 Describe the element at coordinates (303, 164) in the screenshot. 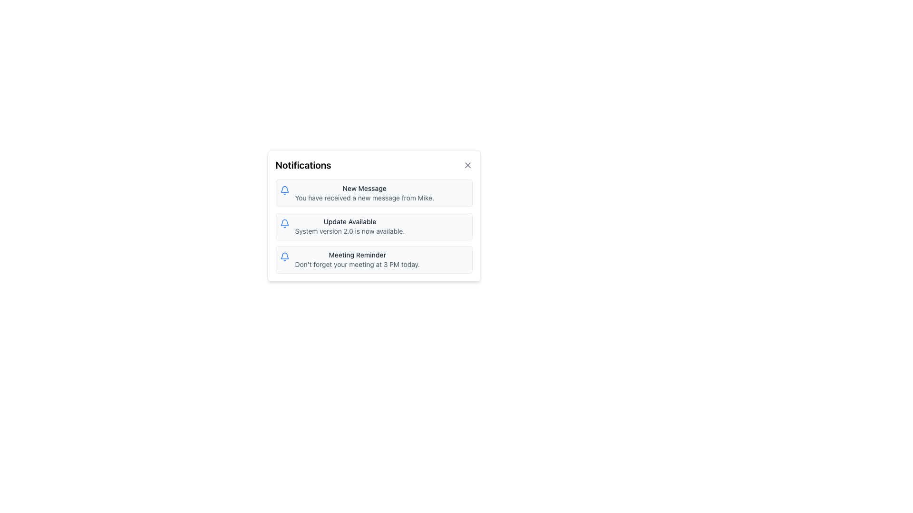

I see `the 'Notifications' text label` at that location.